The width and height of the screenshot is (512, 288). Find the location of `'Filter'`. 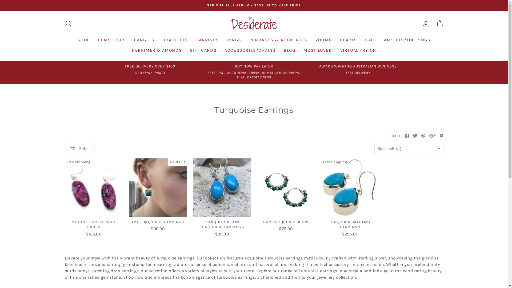

'Filter' is located at coordinates (64, 148).